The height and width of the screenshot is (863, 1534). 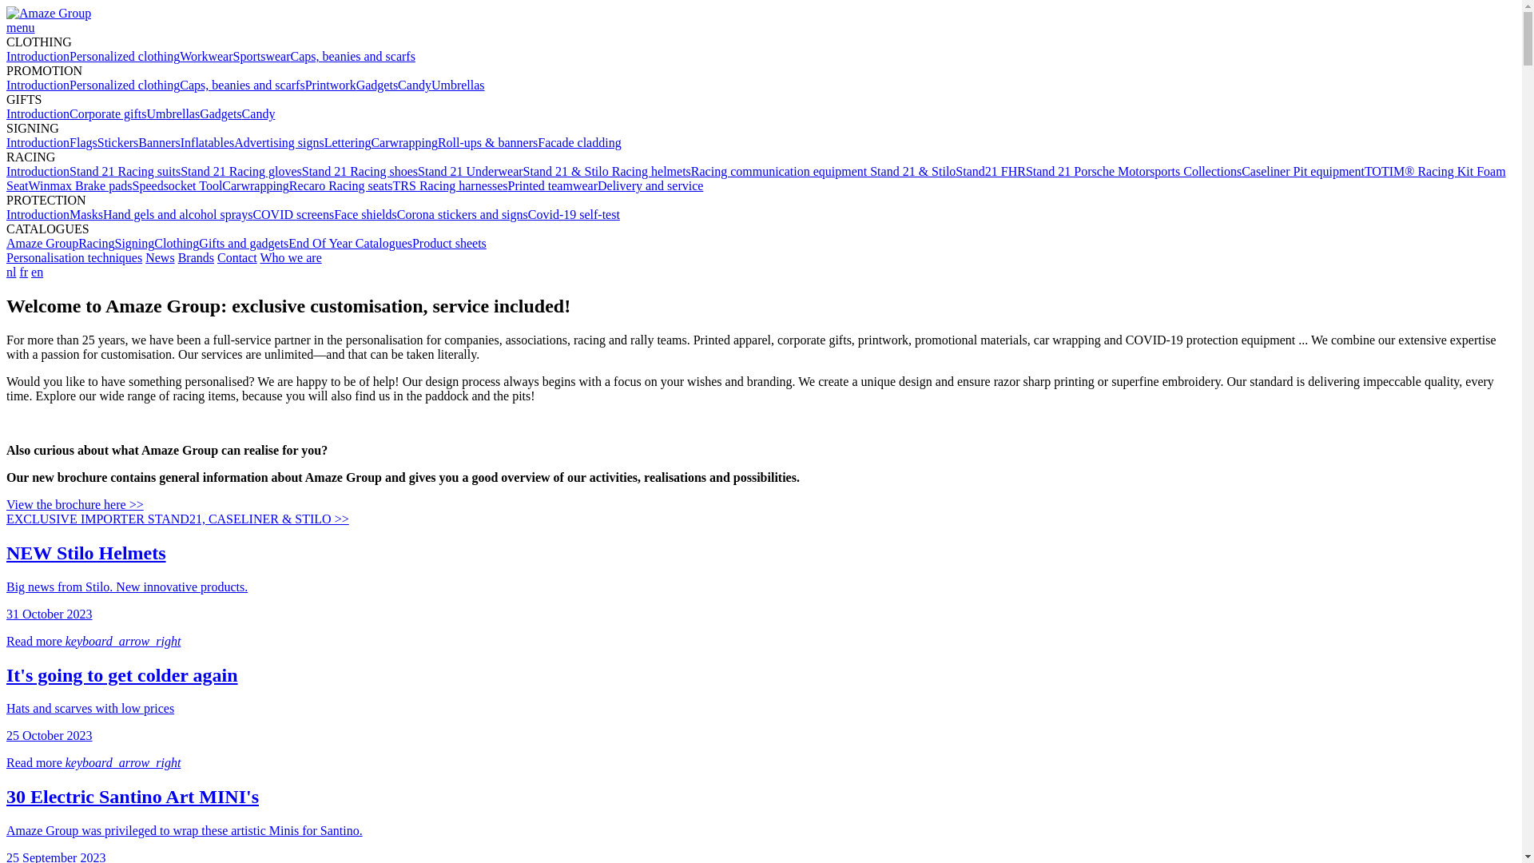 I want to click on 'Introduction', so click(x=38, y=113).